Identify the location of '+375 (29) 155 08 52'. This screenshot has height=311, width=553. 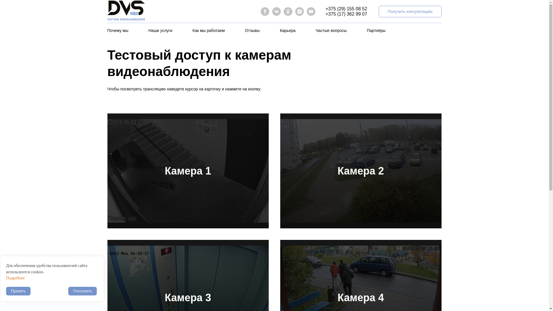
(325, 9).